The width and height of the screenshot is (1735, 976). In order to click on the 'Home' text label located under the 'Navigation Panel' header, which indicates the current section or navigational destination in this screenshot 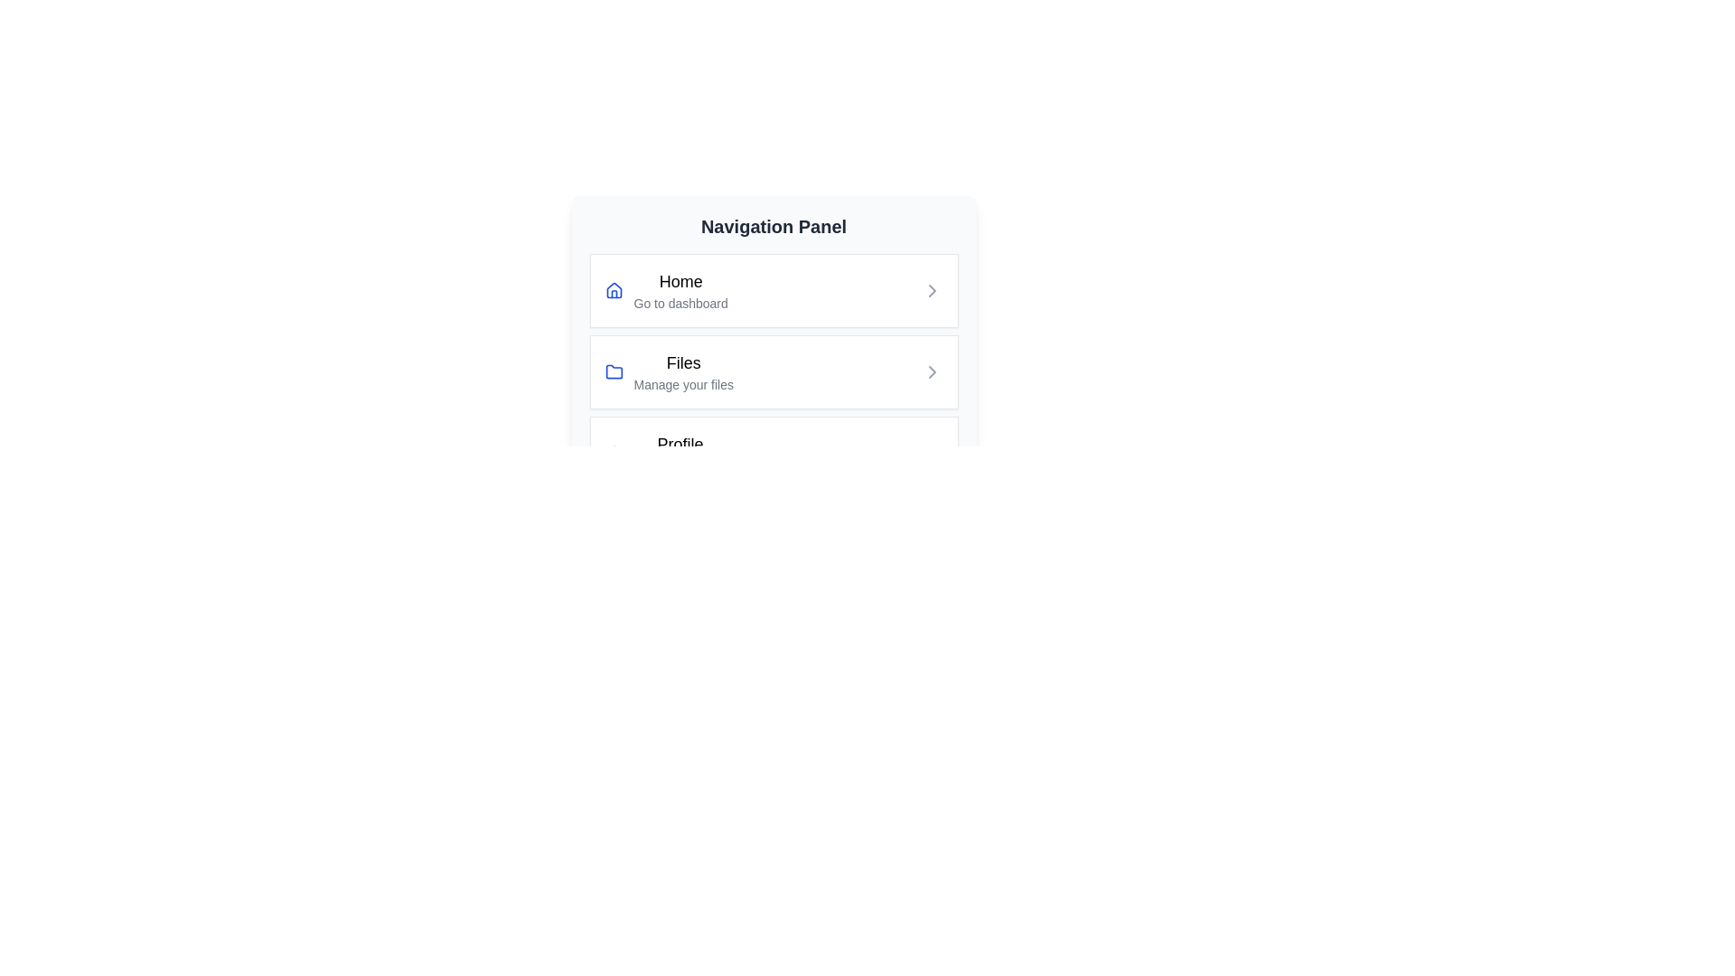, I will do `click(680, 282)`.